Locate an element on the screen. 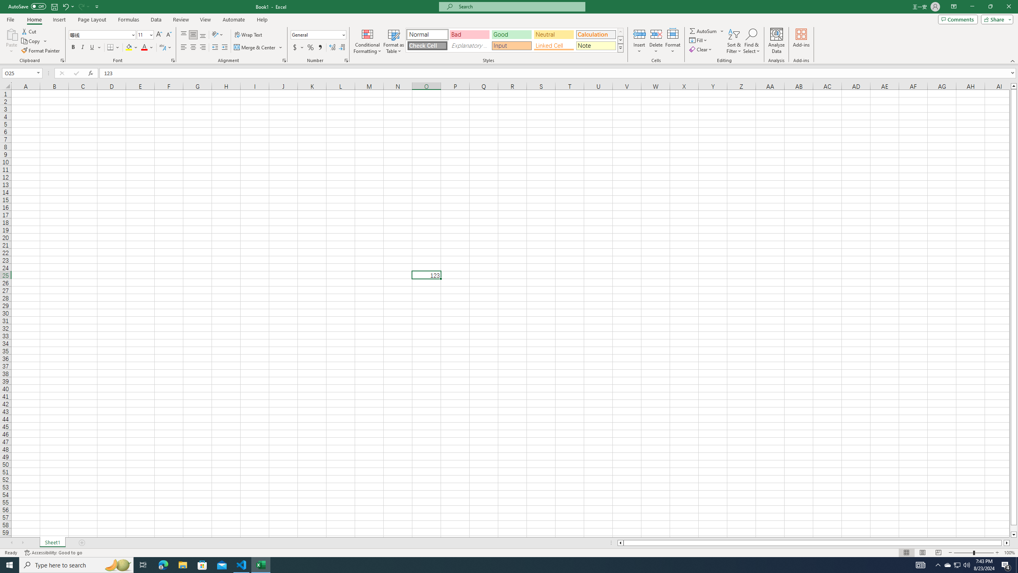  'Borders' is located at coordinates (113, 47).